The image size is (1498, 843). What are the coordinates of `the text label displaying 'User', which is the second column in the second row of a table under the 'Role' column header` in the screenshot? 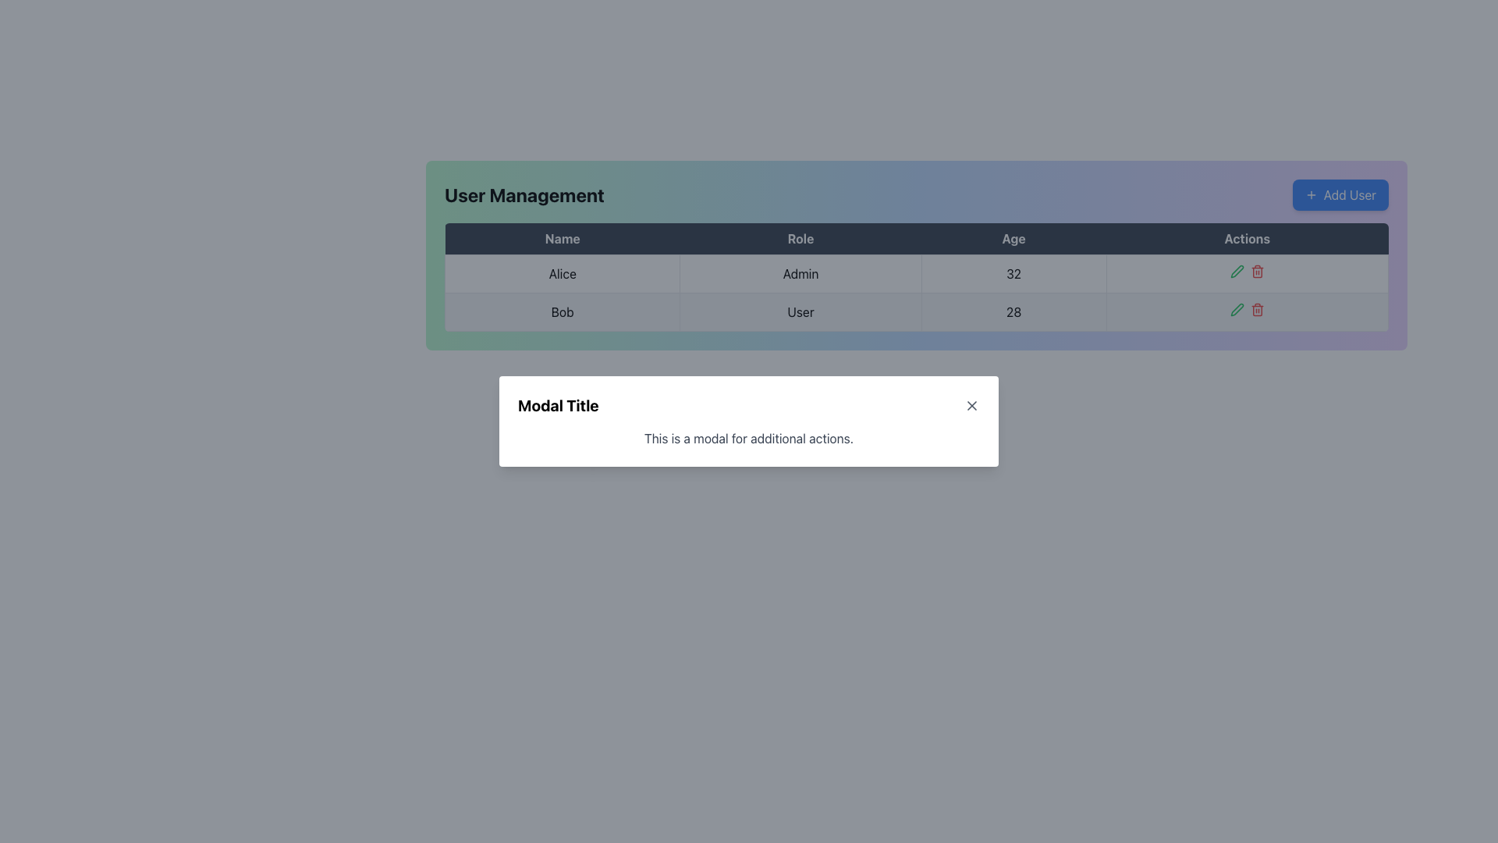 It's located at (800, 312).